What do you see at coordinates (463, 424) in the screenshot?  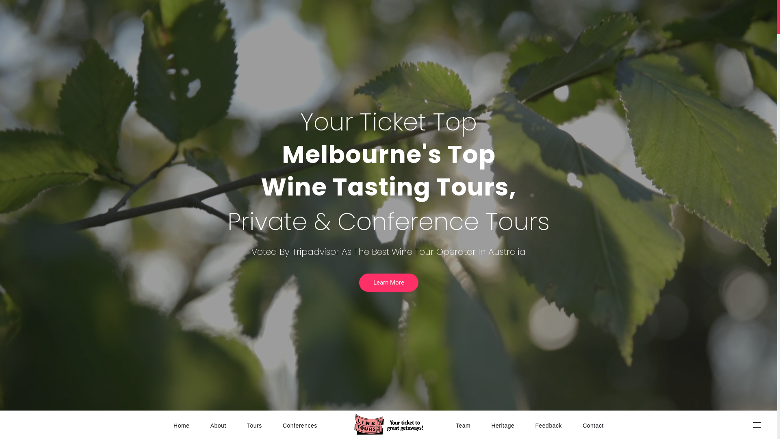 I see `'Team'` at bounding box center [463, 424].